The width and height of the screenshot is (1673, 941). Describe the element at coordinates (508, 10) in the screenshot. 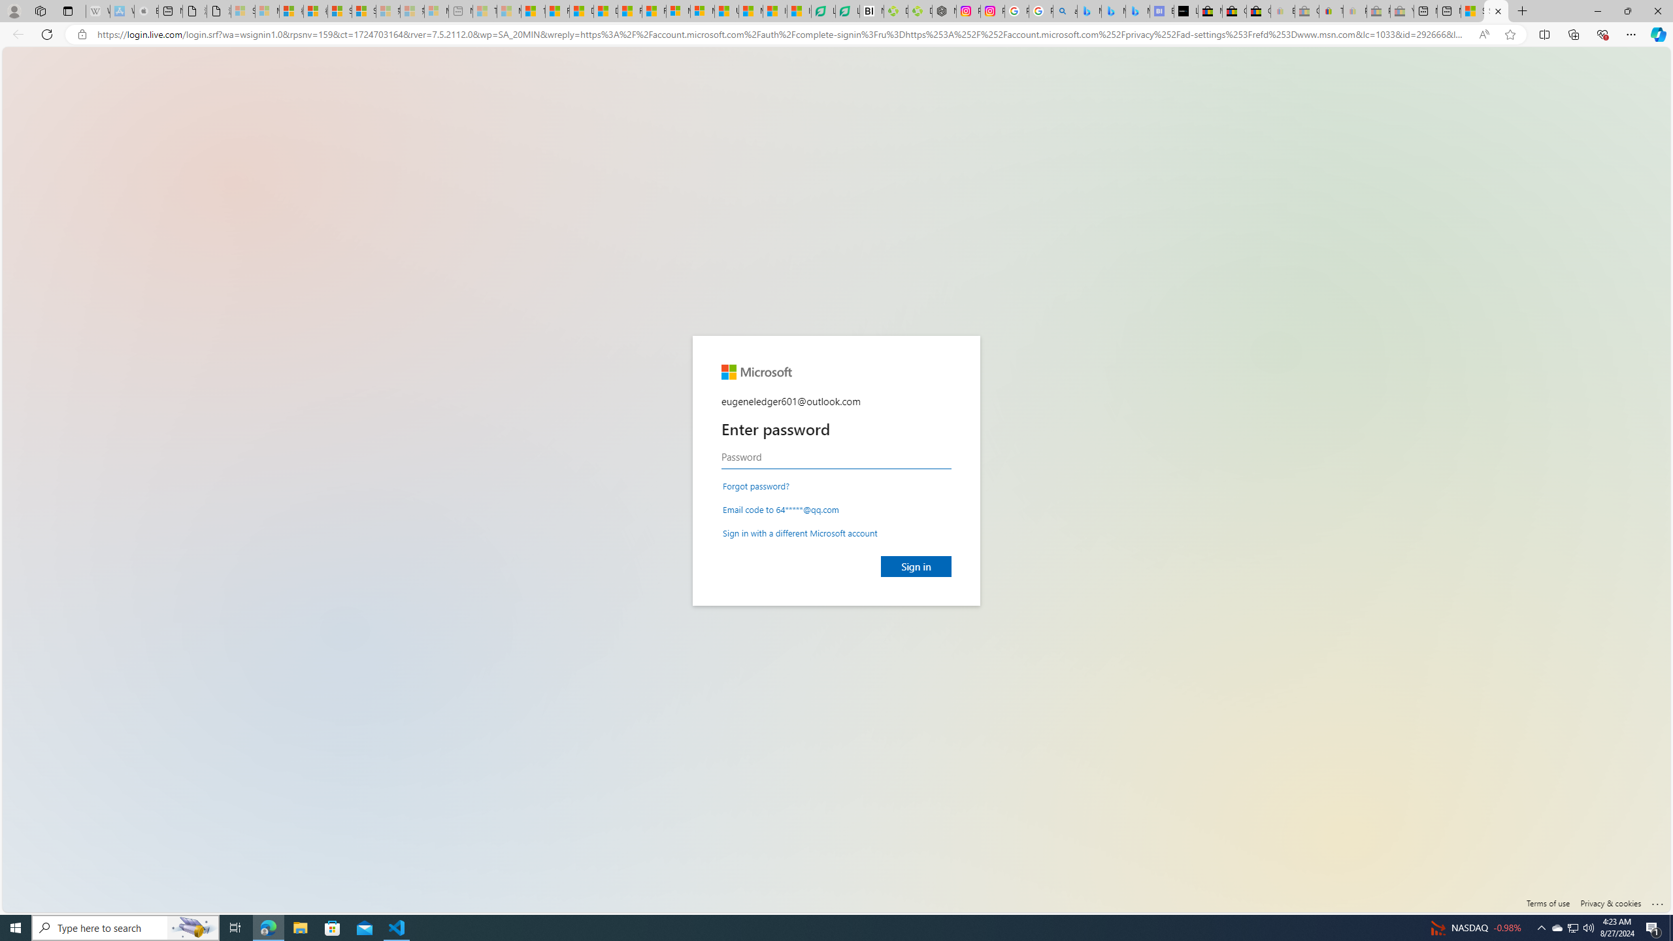

I see `'Marine life - MSN - Sleeping'` at that location.